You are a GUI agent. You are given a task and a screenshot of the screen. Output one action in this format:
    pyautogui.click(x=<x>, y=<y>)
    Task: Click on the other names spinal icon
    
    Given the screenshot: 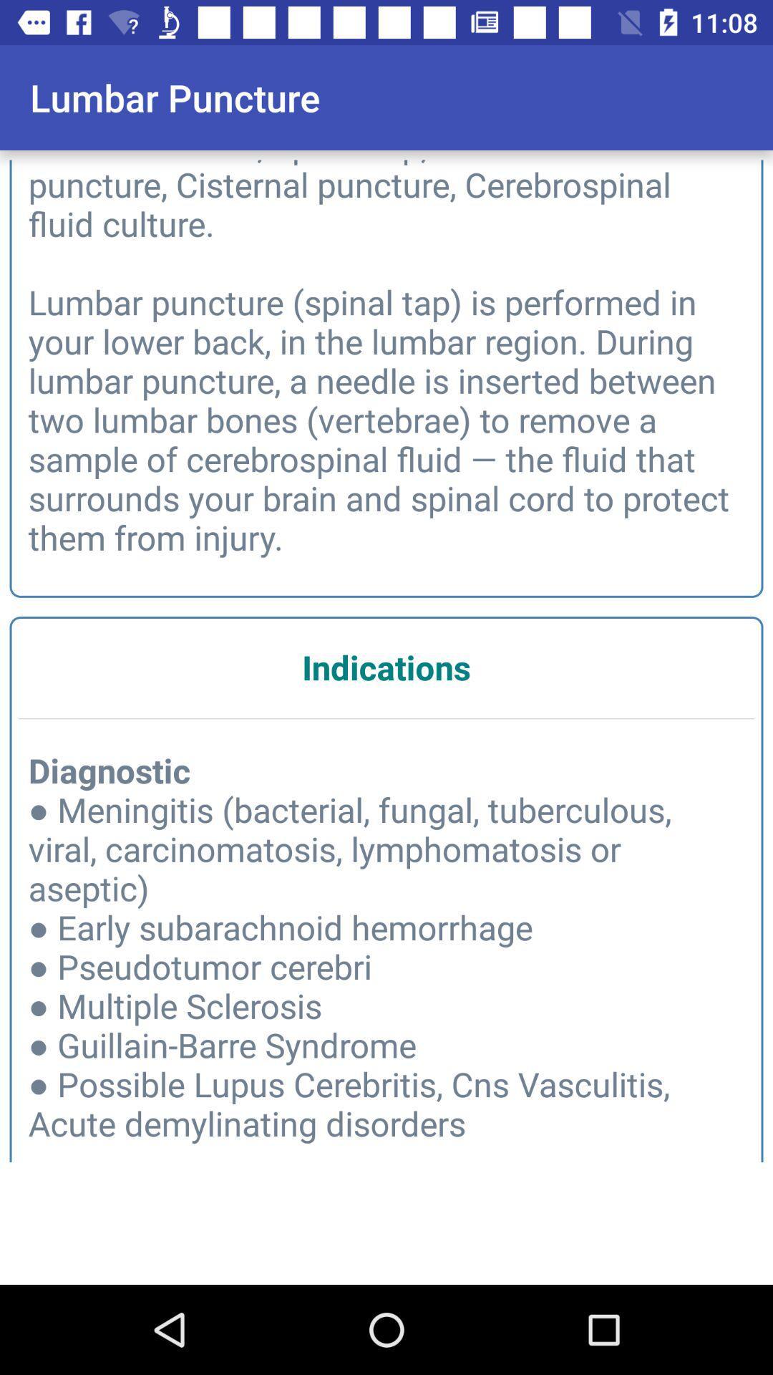 What is the action you would take?
    pyautogui.click(x=386, y=355)
    